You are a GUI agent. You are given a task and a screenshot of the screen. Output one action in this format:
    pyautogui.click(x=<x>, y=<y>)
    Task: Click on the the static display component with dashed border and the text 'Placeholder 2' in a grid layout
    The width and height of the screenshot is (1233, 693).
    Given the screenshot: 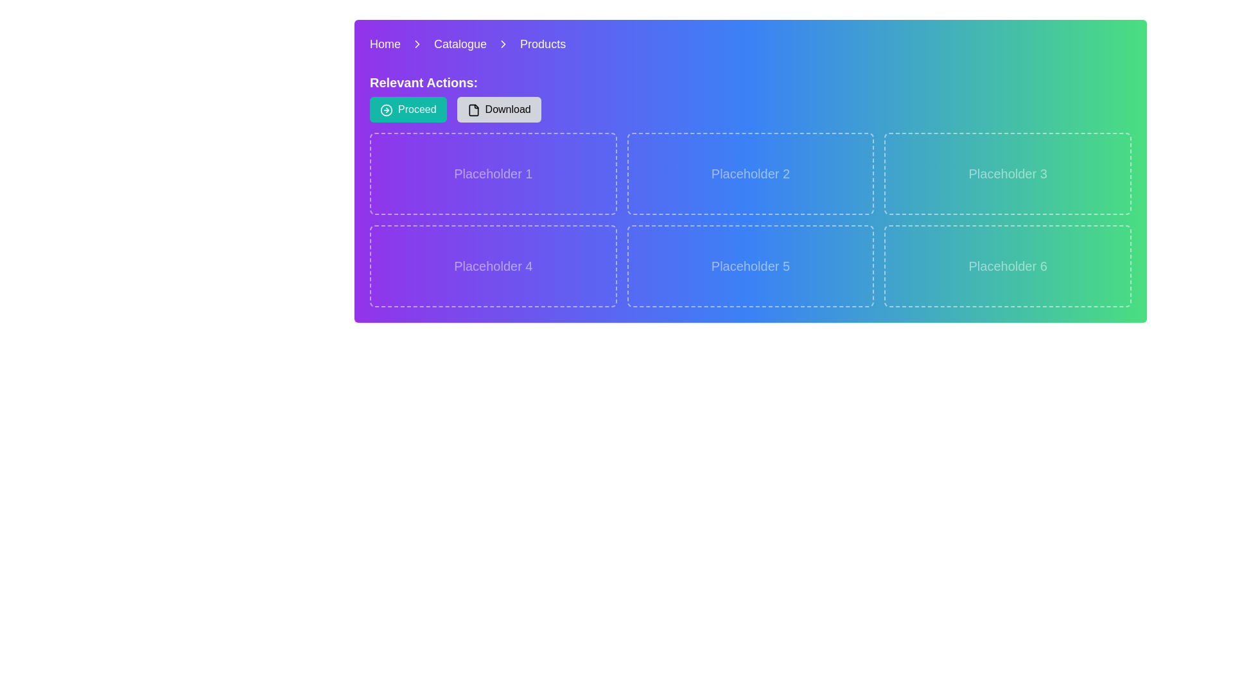 What is the action you would take?
    pyautogui.click(x=750, y=173)
    